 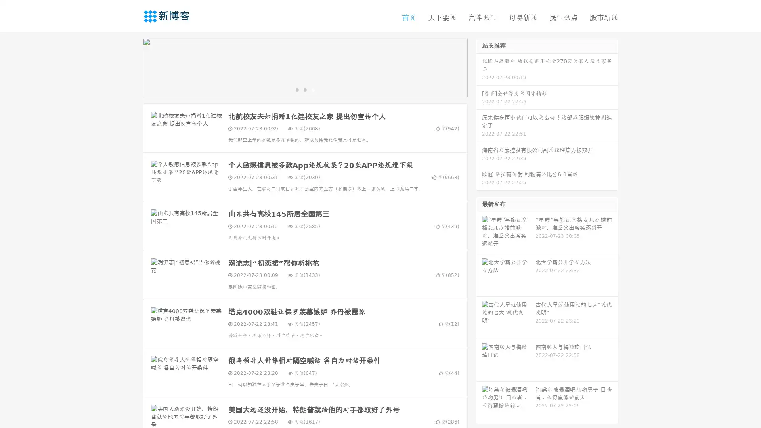 I want to click on Go to slide 1, so click(x=296, y=89).